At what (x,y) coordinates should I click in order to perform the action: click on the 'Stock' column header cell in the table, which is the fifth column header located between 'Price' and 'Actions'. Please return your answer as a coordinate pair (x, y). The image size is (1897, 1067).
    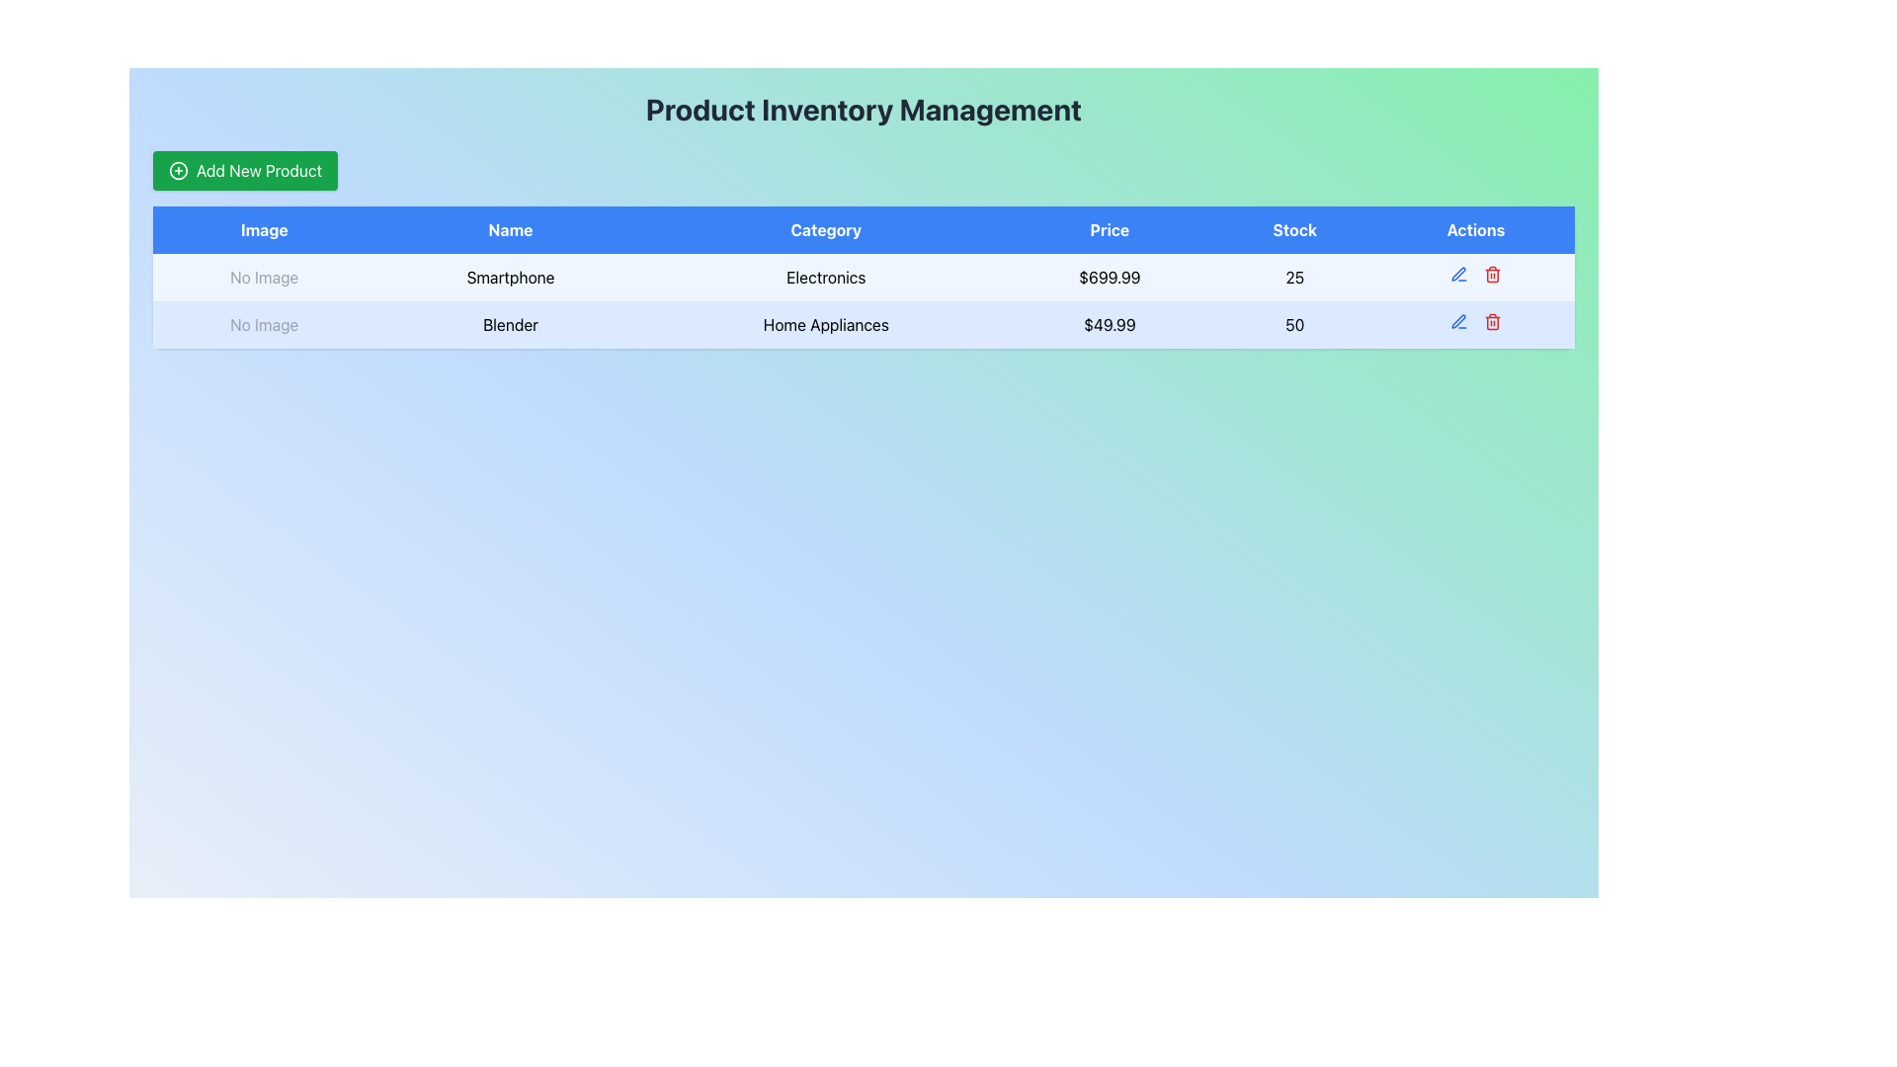
    Looking at the image, I should click on (1294, 228).